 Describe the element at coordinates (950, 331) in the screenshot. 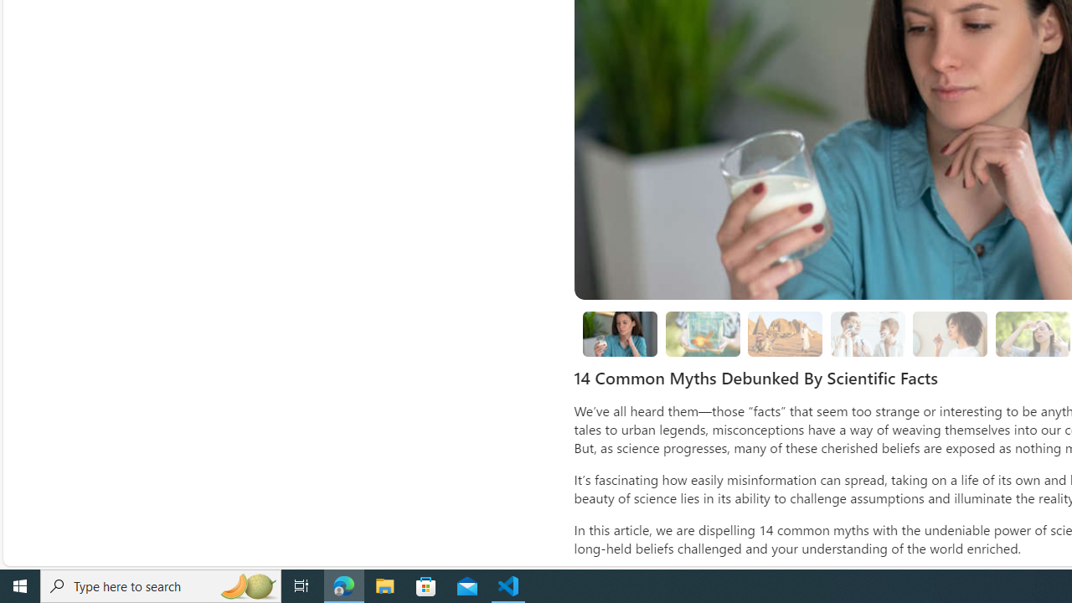

I see `'Class: progress'` at that location.